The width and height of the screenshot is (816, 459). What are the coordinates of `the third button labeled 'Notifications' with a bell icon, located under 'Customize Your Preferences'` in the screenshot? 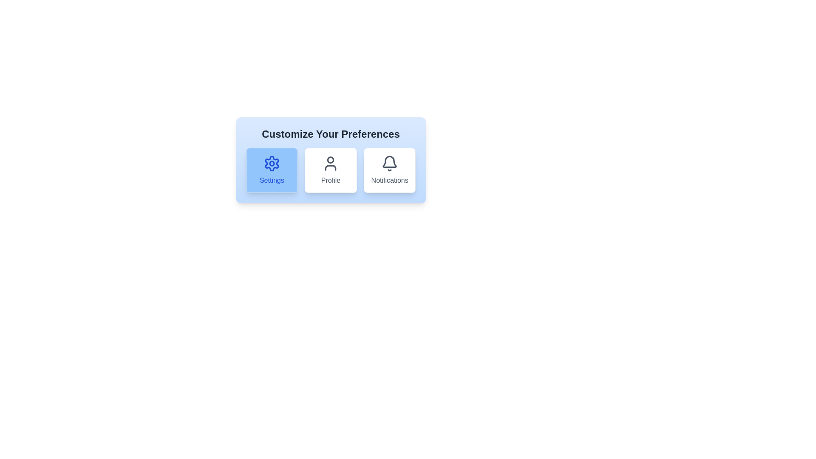 It's located at (389, 170).